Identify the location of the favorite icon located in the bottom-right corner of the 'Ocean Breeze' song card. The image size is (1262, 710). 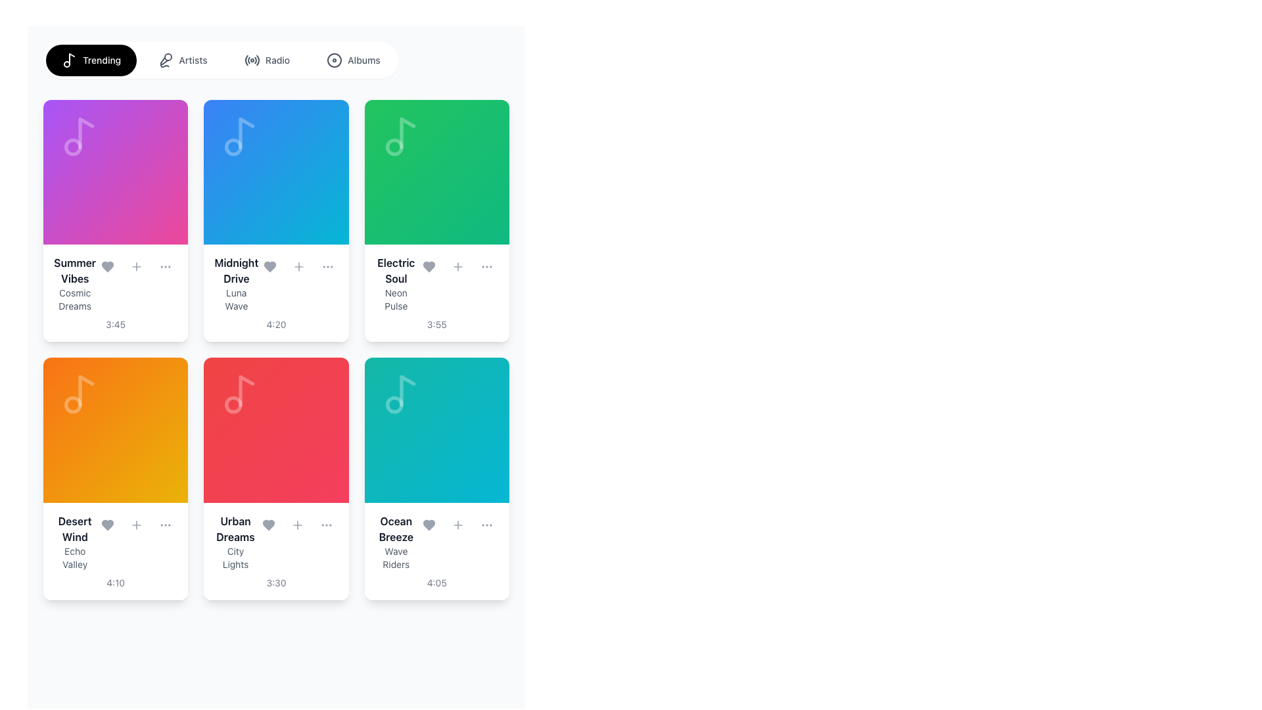
(429, 524).